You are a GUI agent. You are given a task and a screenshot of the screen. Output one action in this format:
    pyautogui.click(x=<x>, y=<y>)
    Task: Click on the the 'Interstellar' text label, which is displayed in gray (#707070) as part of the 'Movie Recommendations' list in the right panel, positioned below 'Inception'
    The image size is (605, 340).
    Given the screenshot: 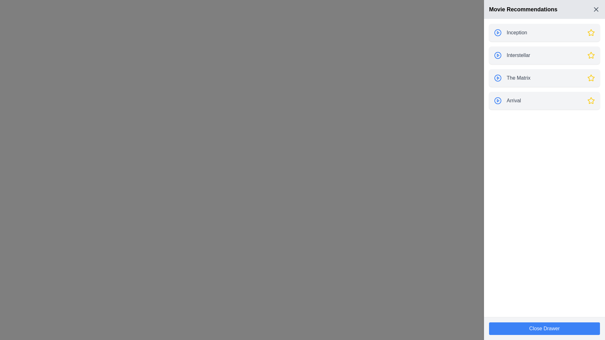 What is the action you would take?
    pyautogui.click(x=518, y=55)
    